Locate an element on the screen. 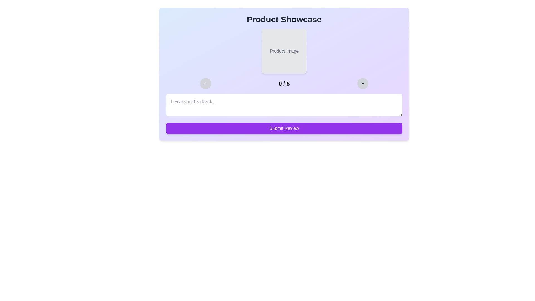  the 'Submit Review' button to submit the review is located at coordinates (284, 128).